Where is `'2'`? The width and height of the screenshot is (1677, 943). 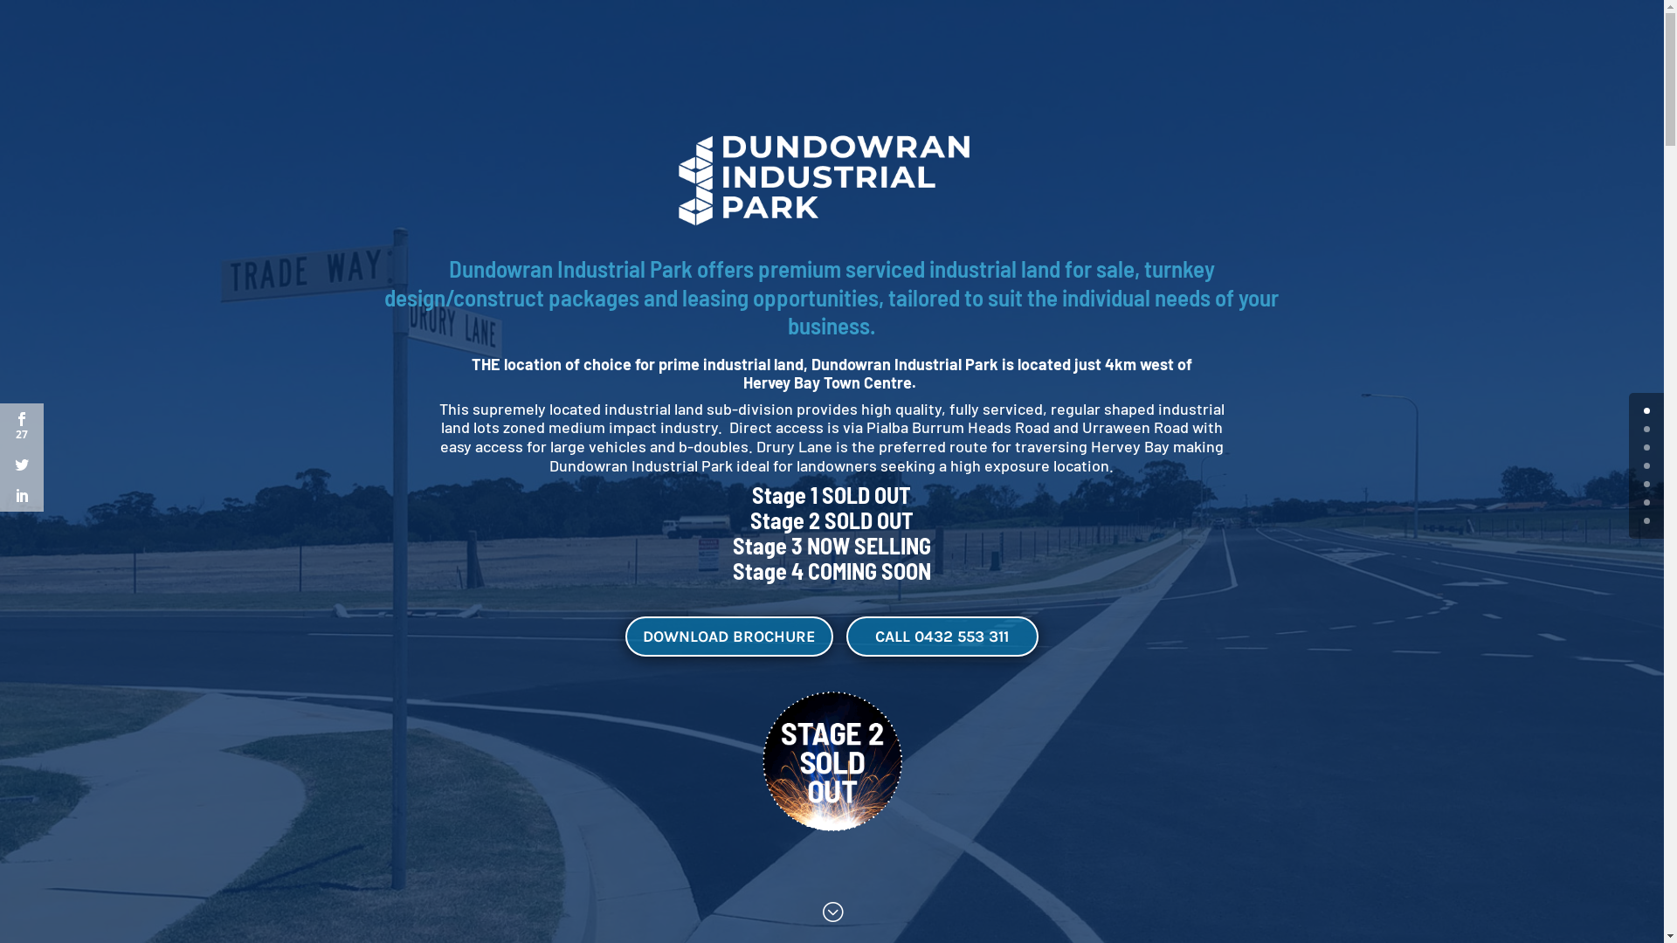
'2' is located at coordinates (1646, 446).